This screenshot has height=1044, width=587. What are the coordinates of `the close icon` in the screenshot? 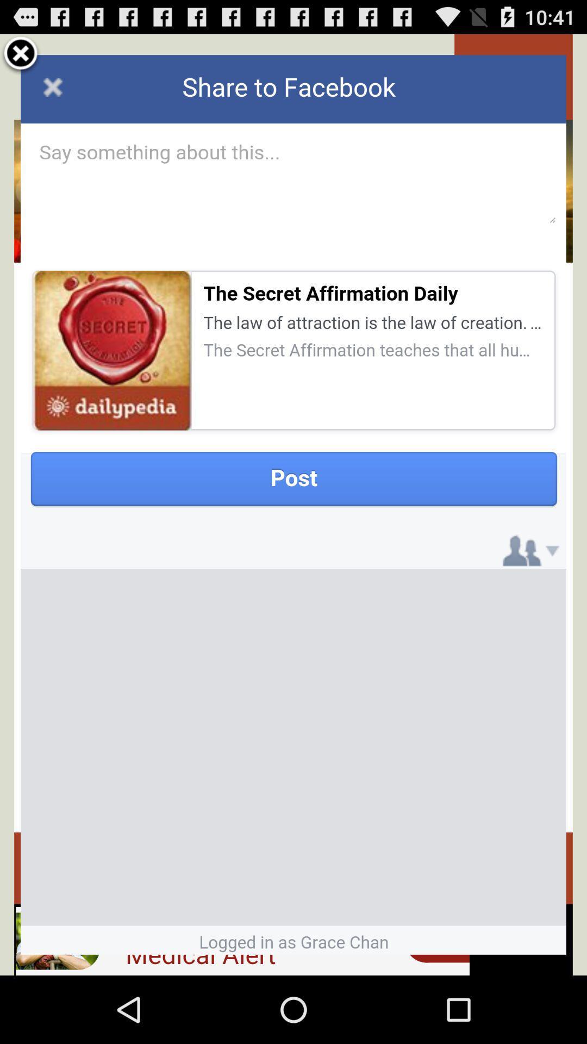 It's located at (21, 58).